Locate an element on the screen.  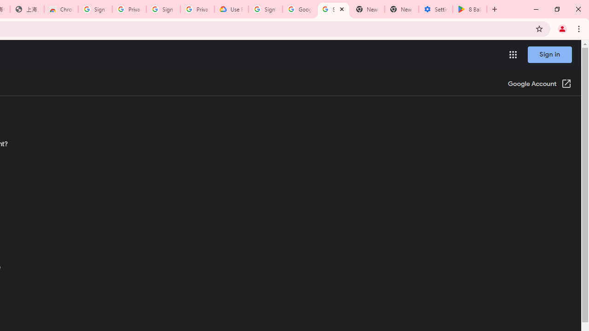
'New Tab' is located at coordinates (401, 9).